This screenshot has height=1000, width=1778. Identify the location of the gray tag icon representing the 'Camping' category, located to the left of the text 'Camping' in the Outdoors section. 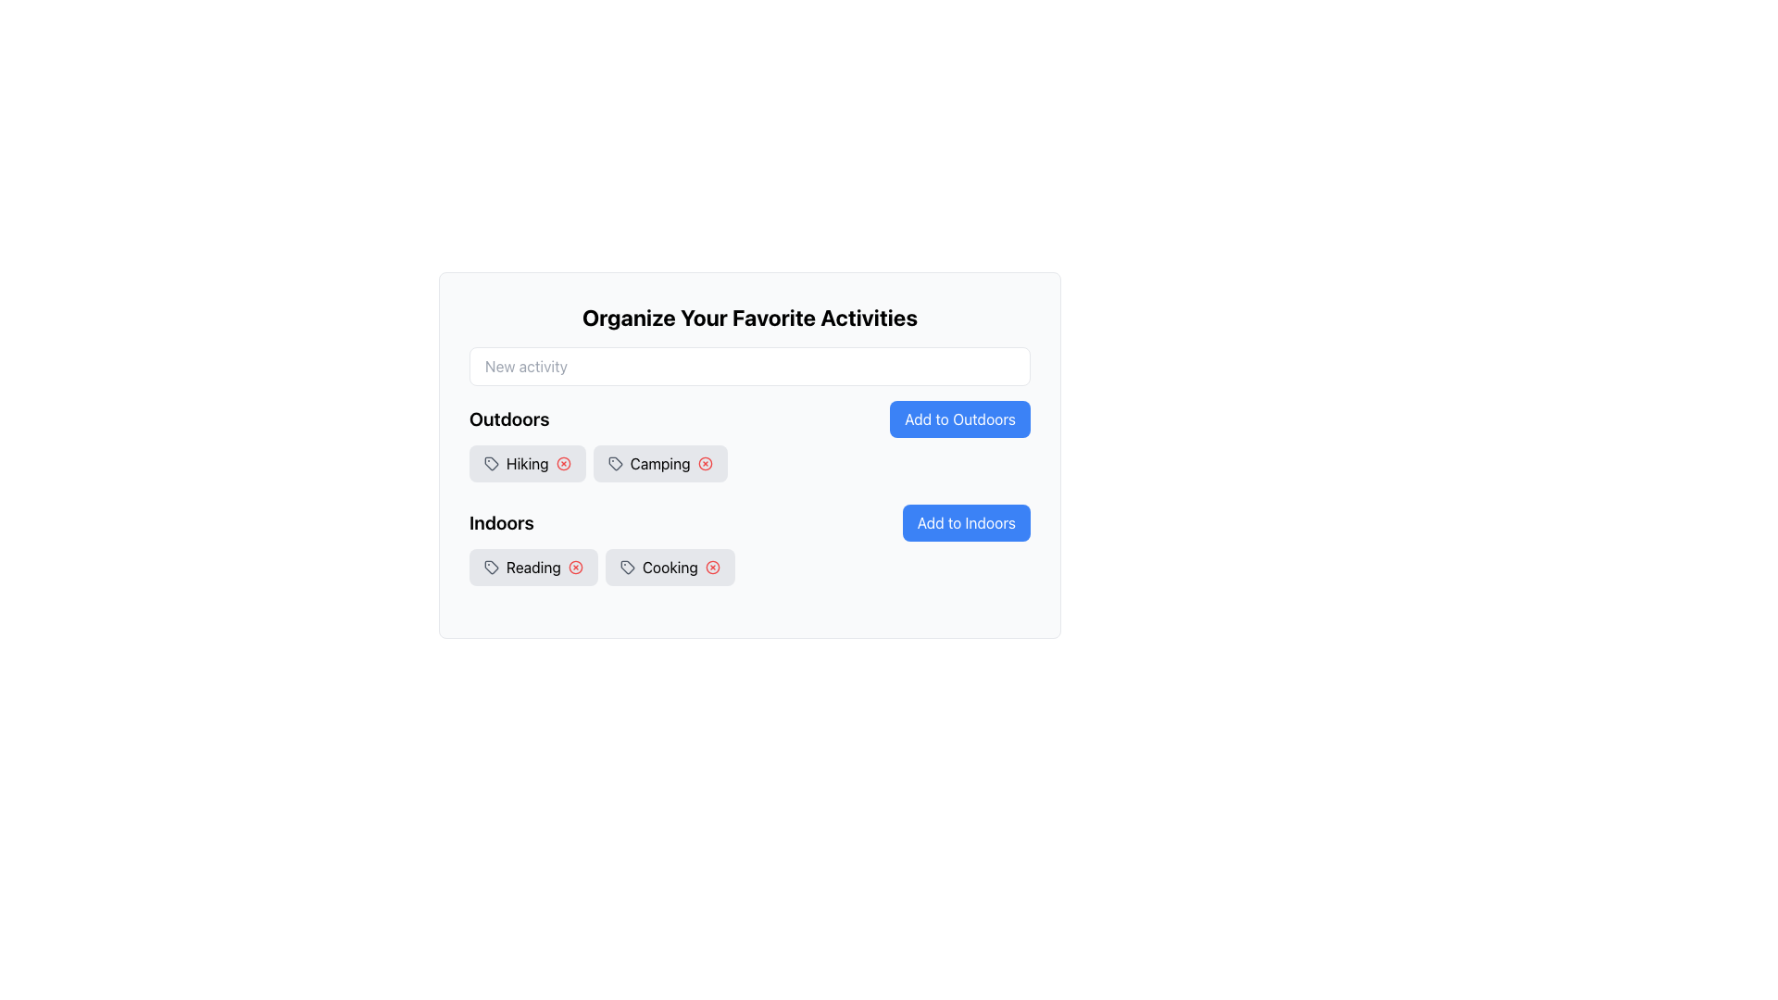
(615, 463).